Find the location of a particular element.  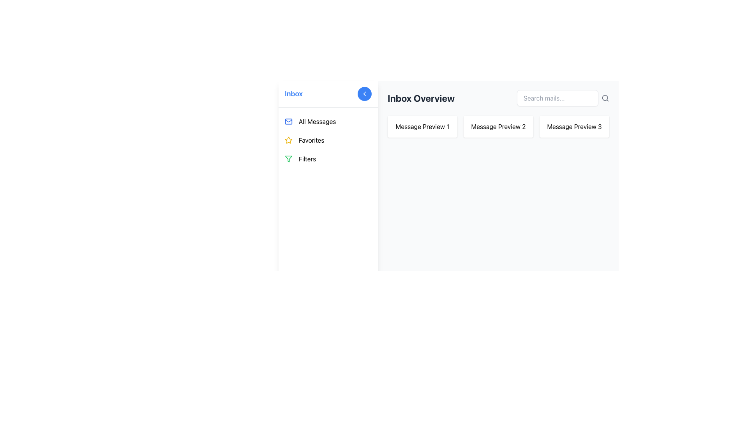

the green funnel icon representing filtering functionality, located to the left of the 'Filters' text is located at coordinates (288, 159).